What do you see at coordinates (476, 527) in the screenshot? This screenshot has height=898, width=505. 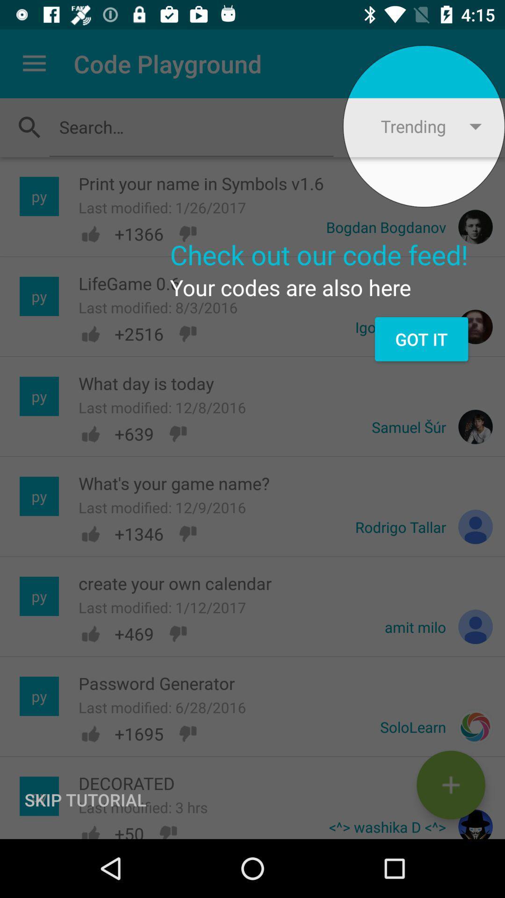 I see `the icon which is next to the rodrigo tallar` at bounding box center [476, 527].